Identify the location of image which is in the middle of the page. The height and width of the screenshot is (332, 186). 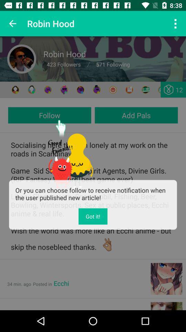
(70, 154).